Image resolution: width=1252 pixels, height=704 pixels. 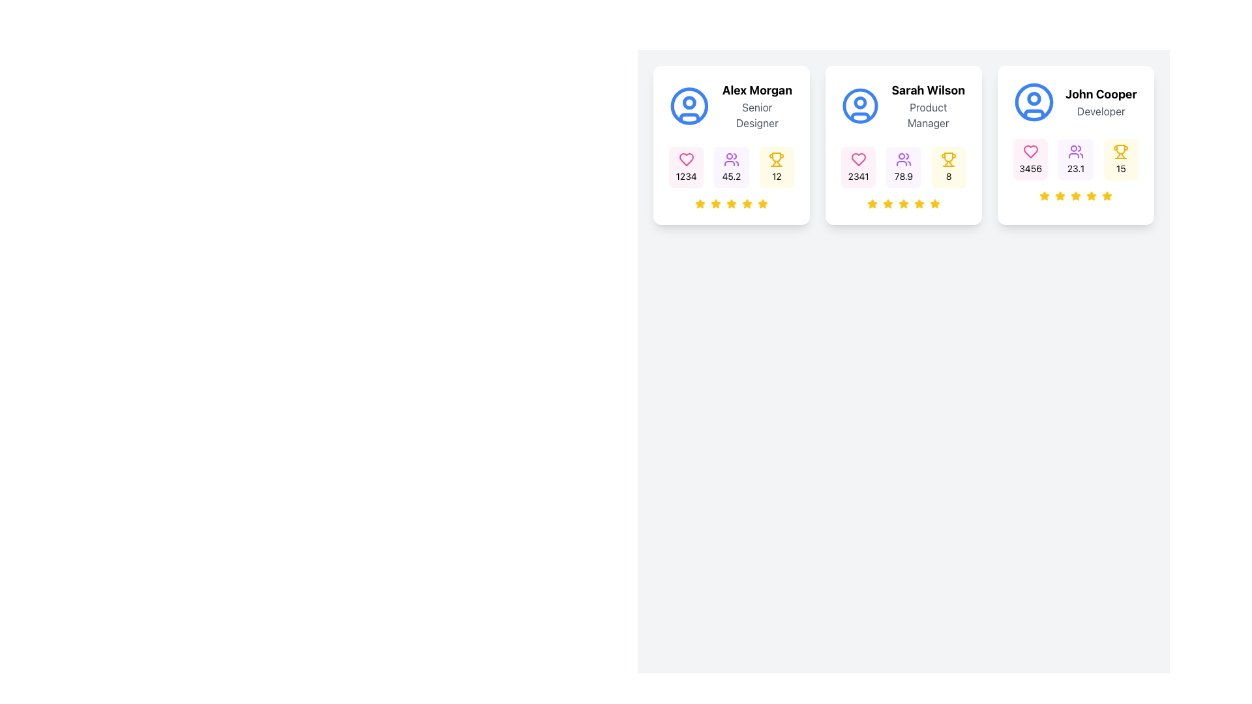 I want to click on numerical representation of awards displayed in the icon located in the lower right segment of the card labeled 'John Cooper', so click(x=1120, y=159).